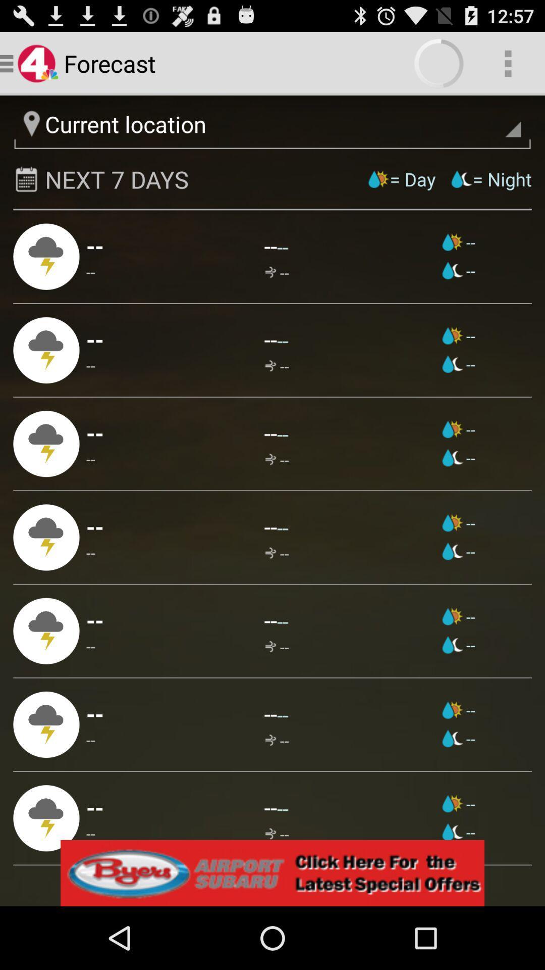  Describe the element at coordinates (283, 620) in the screenshot. I see `the app to the right of -- app` at that location.